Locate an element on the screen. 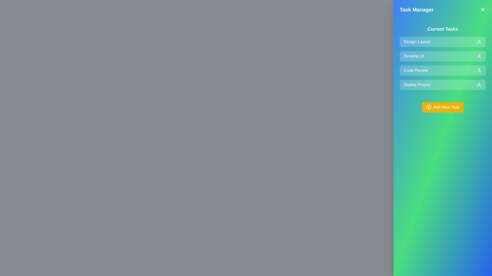 The height and width of the screenshot is (276, 492). the second task entry labeled 'Develop UI' is located at coordinates (443, 56).